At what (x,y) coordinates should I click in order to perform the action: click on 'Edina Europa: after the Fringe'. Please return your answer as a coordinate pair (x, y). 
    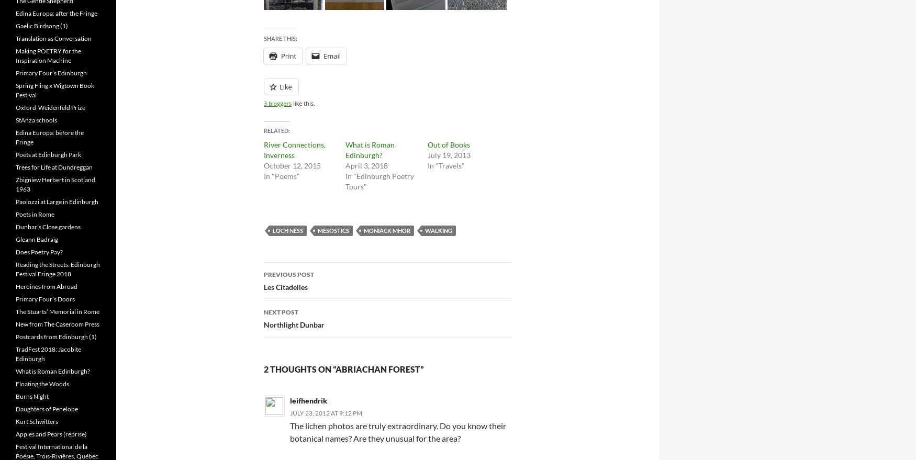
    Looking at the image, I should click on (56, 13).